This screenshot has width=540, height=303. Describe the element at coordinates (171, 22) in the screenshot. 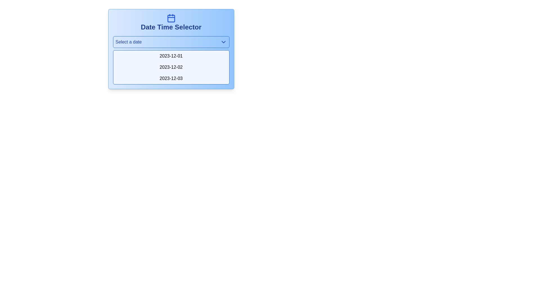

I see `header section located at the top of the date and time selector, which indicates its purpose as a date and time selector` at that location.